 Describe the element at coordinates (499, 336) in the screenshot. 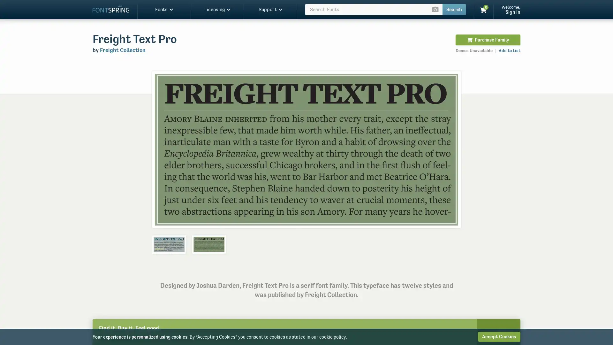

I see `Accept Cookies` at that location.